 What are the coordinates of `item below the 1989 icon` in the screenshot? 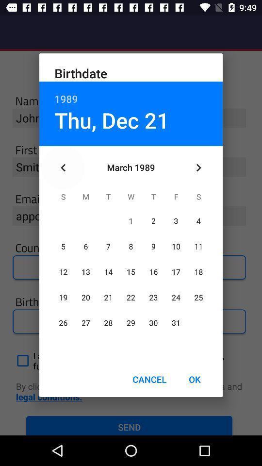 It's located at (111, 119).